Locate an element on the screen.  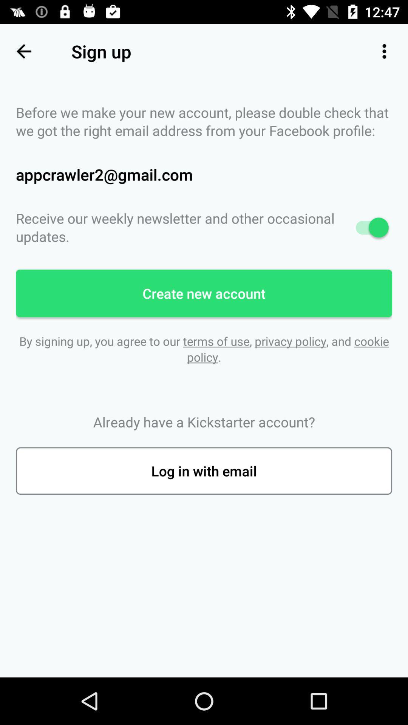
the icon below the already have a item is located at coordinates (204, 470).